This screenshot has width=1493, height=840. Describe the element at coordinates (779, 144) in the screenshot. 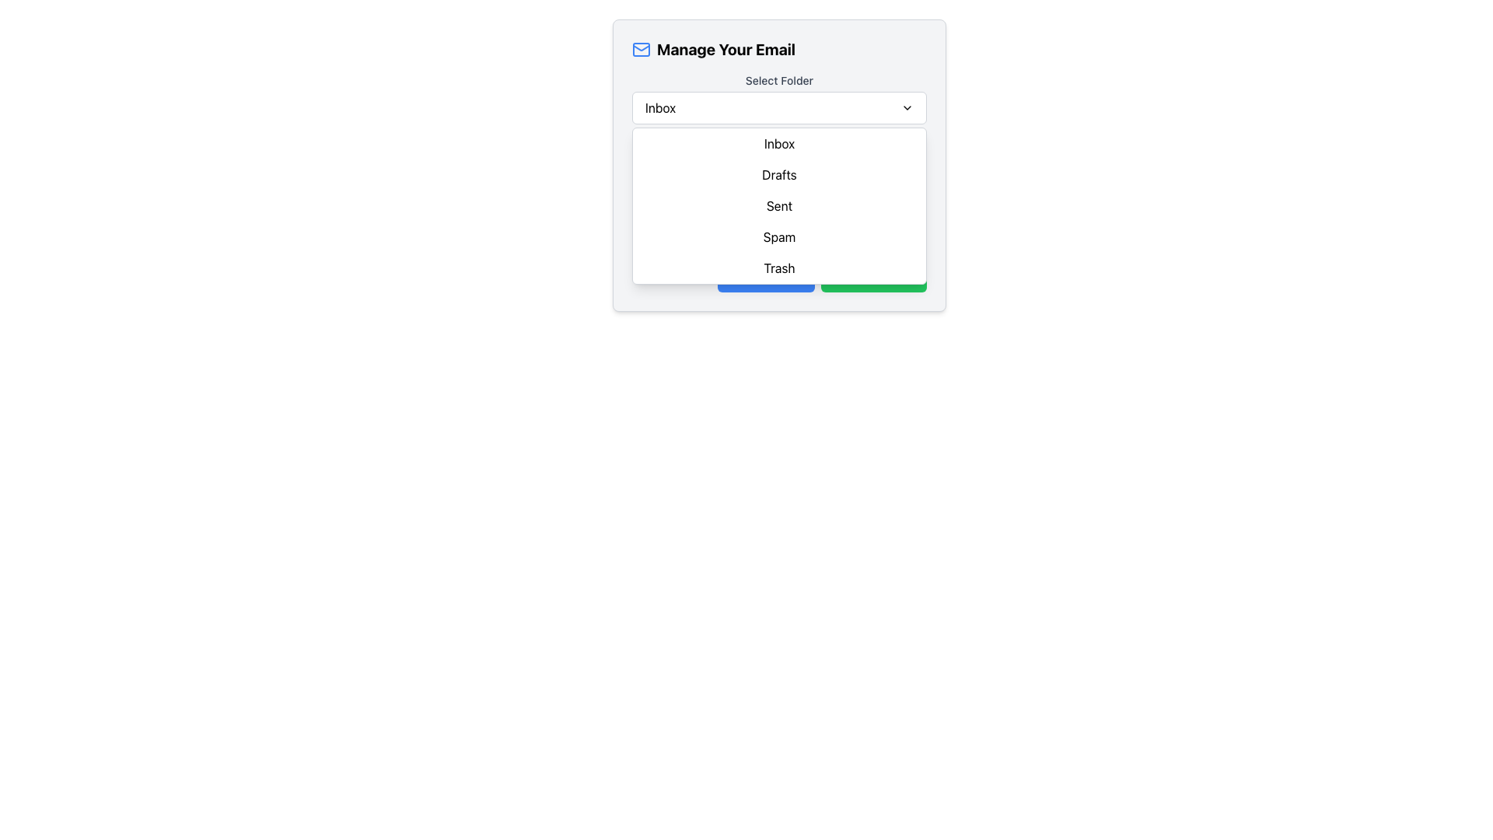

I see `the Text Label that serves as an instruction for the email input area, located at the top of the box above the textarea` at that location.